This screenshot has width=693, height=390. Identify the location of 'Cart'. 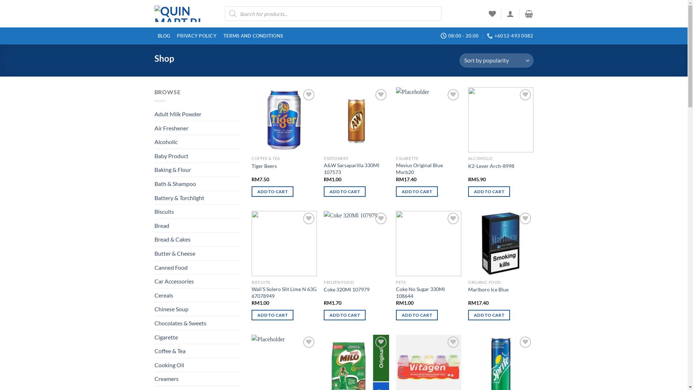
(529, 14).